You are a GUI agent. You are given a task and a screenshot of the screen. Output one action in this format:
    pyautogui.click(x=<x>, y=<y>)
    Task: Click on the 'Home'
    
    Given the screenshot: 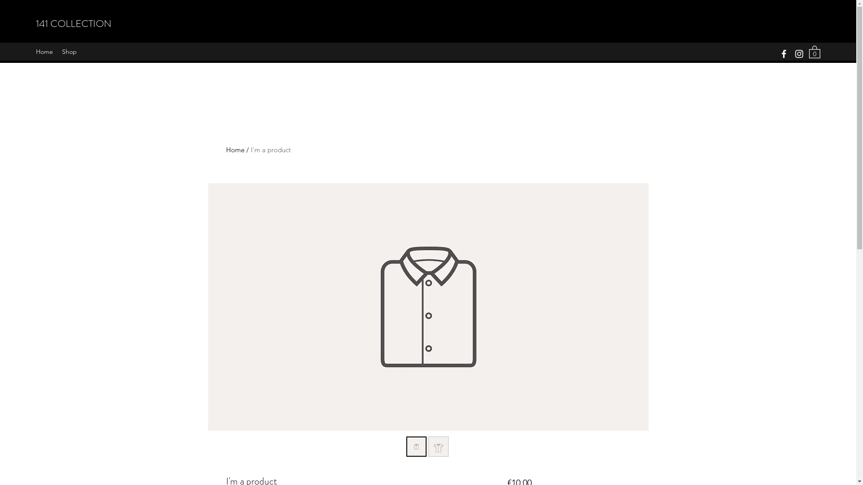 What is the action you would take?
    pyautogui.click(x=44, y=52)
    